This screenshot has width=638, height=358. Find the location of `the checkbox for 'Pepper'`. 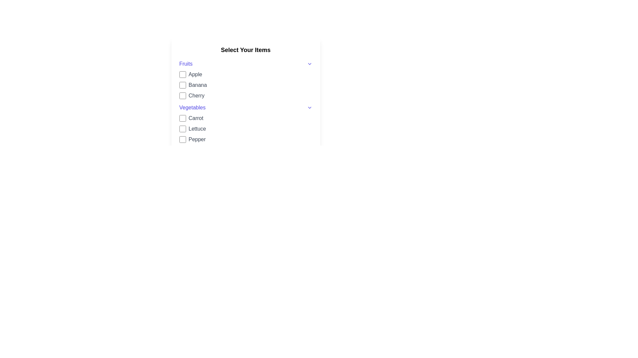

the checkbox for 'Pepper' is located at coordinates (182, 139).